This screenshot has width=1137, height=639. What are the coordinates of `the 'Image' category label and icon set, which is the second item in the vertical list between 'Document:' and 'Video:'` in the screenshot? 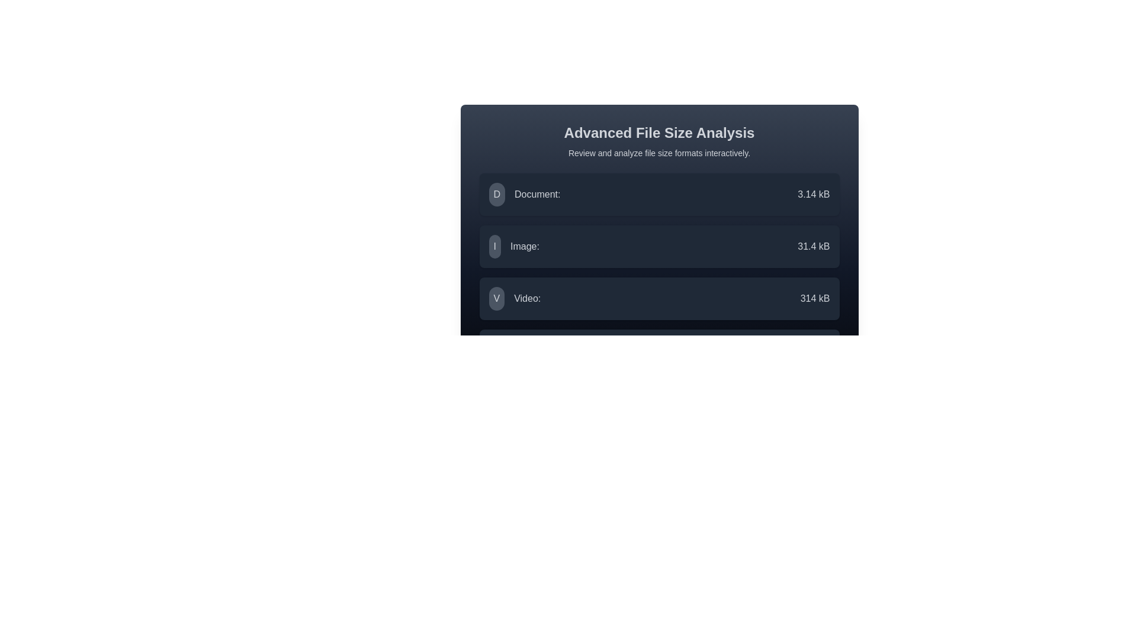 It's located at (514, 246).